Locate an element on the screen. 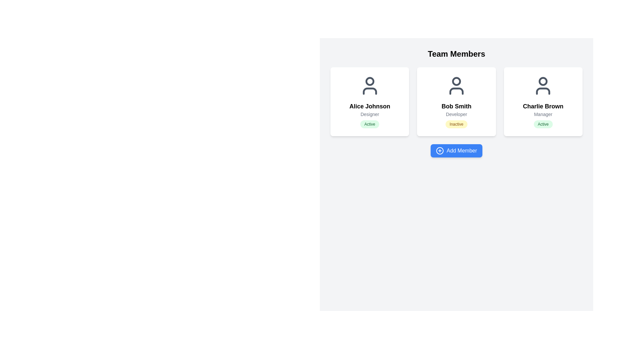 This screenshot has width=637, height=358. the button located at the bottom center of the 'Team Members' section is located at coordinates (456, 151).